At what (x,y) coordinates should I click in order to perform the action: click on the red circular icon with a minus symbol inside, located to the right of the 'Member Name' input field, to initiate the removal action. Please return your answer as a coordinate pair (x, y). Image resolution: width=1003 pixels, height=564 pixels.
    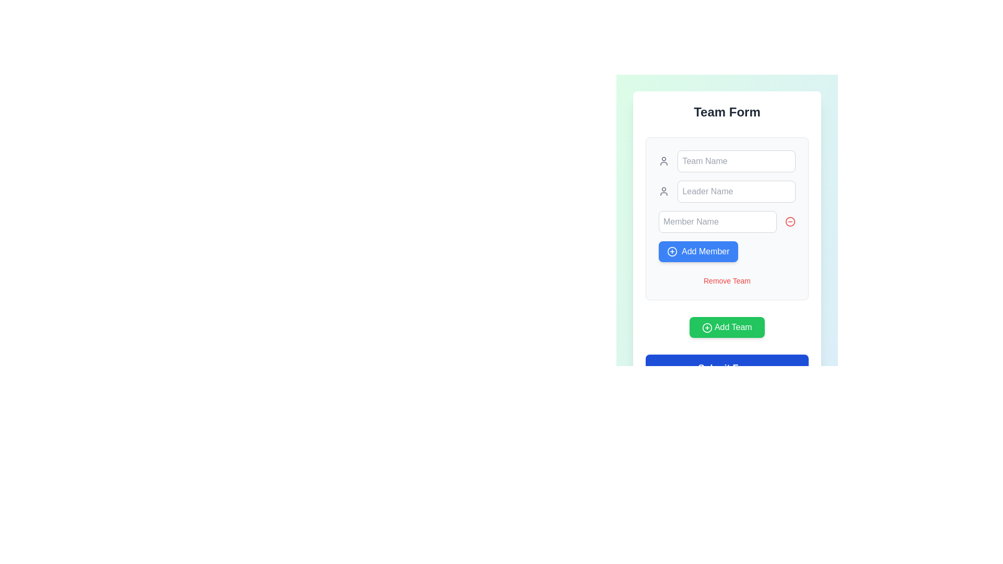
    Looking at the image, I should click on (790, 221).